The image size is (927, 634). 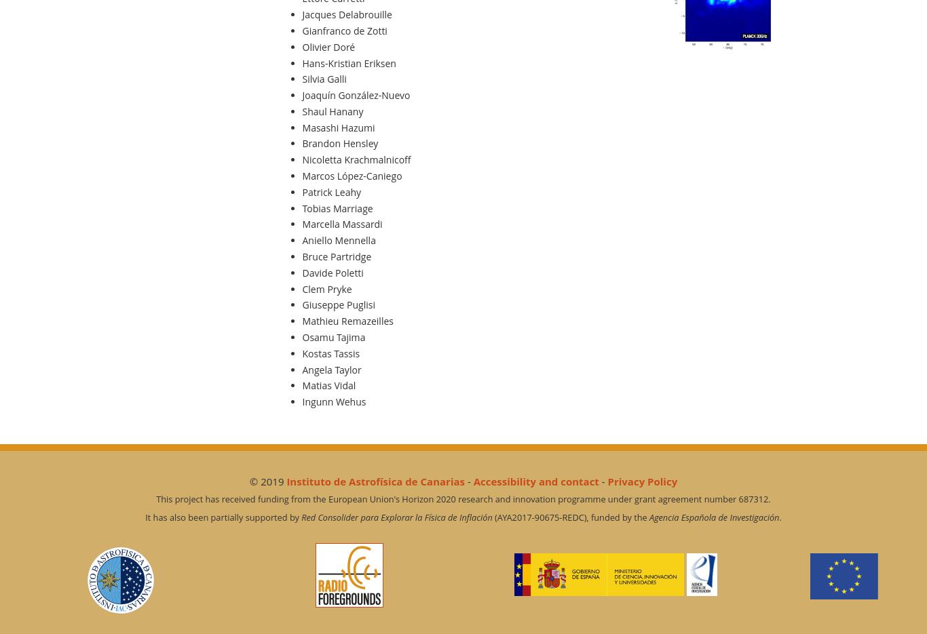 What do you see at coordinates (344, 30) in the screenshot?
I see `'Gianfranco de Zotti'` at bounding box center [344, 30].